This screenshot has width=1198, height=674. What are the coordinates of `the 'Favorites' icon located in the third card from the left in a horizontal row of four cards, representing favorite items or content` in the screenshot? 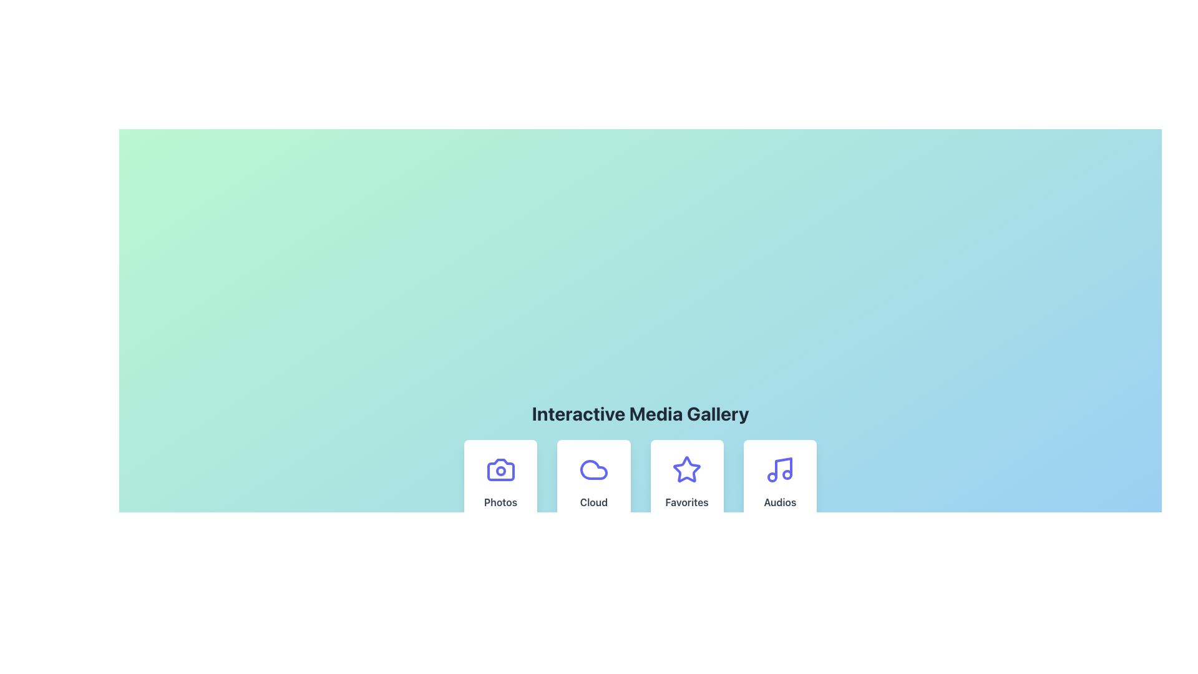 It's located at (686, 469).